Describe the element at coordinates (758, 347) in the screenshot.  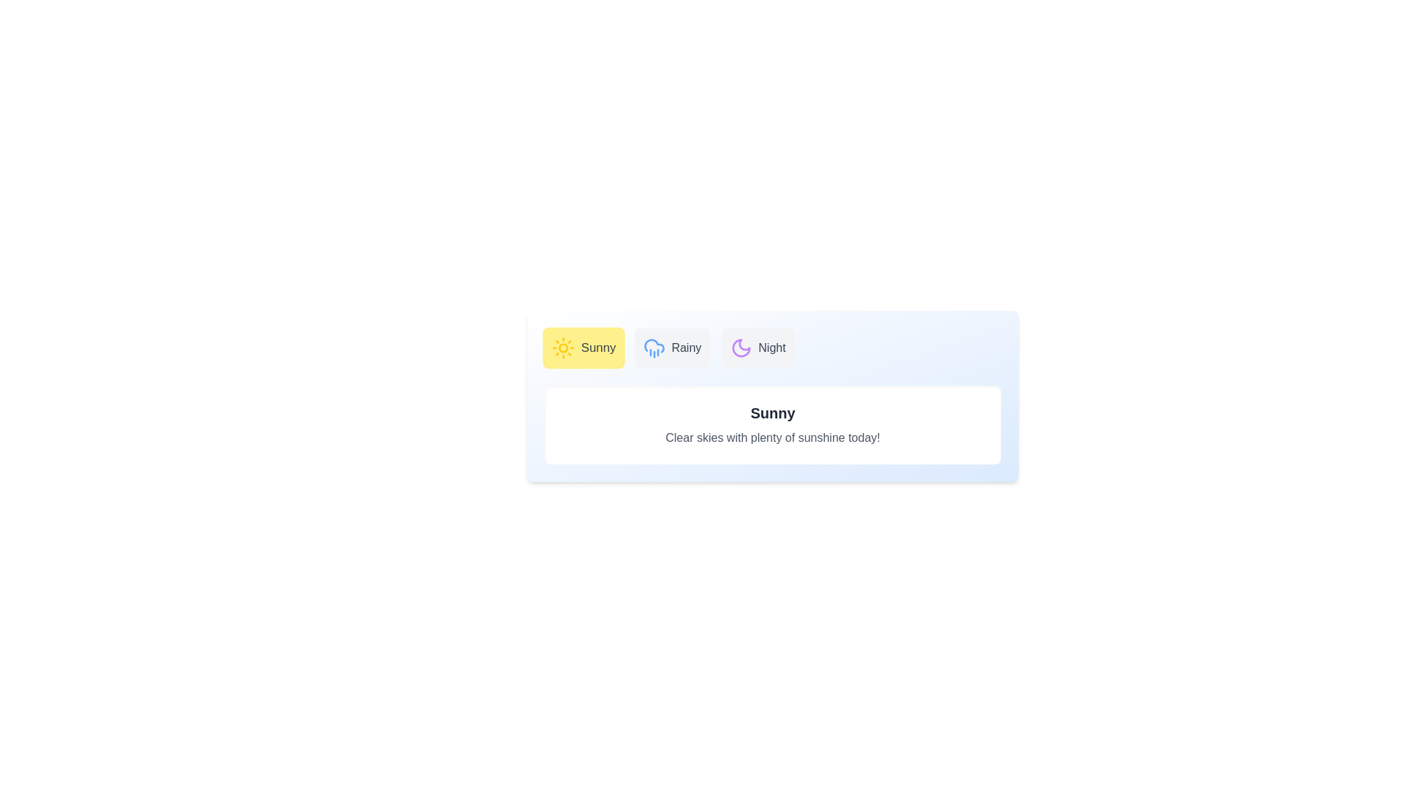
I see `the Night tab to select it` at that location.